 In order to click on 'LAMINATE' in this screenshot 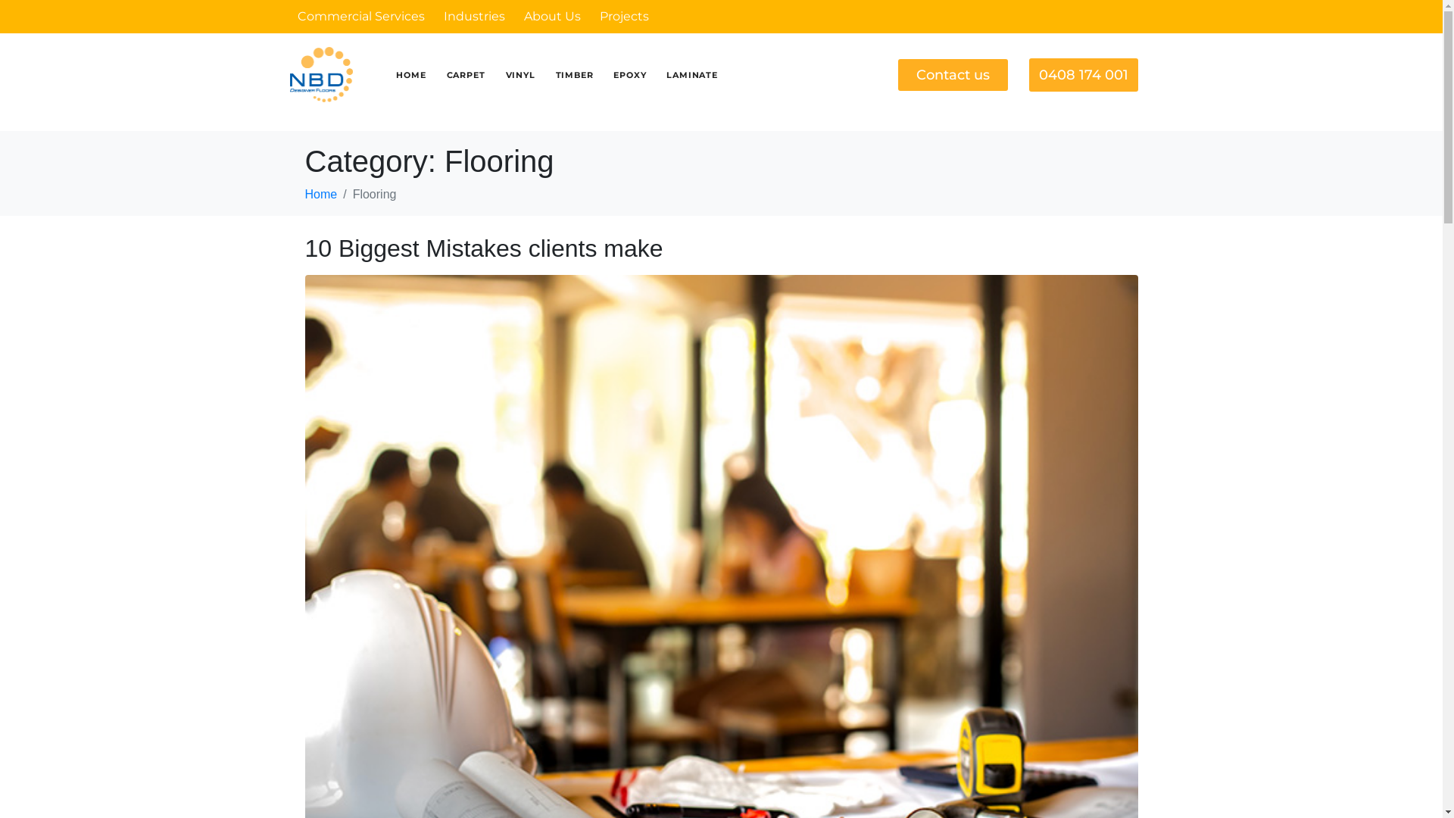, I will do `click(691, 75)`.